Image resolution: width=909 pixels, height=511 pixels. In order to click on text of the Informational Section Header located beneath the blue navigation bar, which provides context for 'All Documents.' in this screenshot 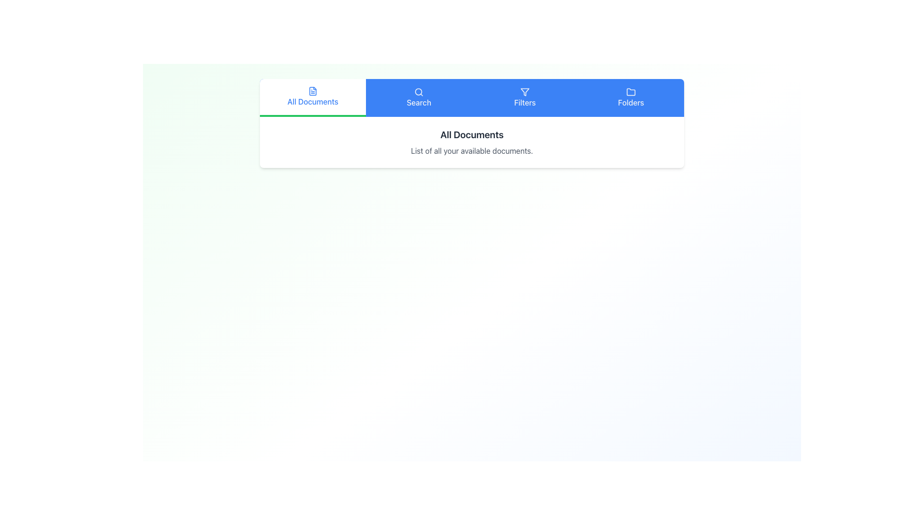, I will do `click(472, 123)`.